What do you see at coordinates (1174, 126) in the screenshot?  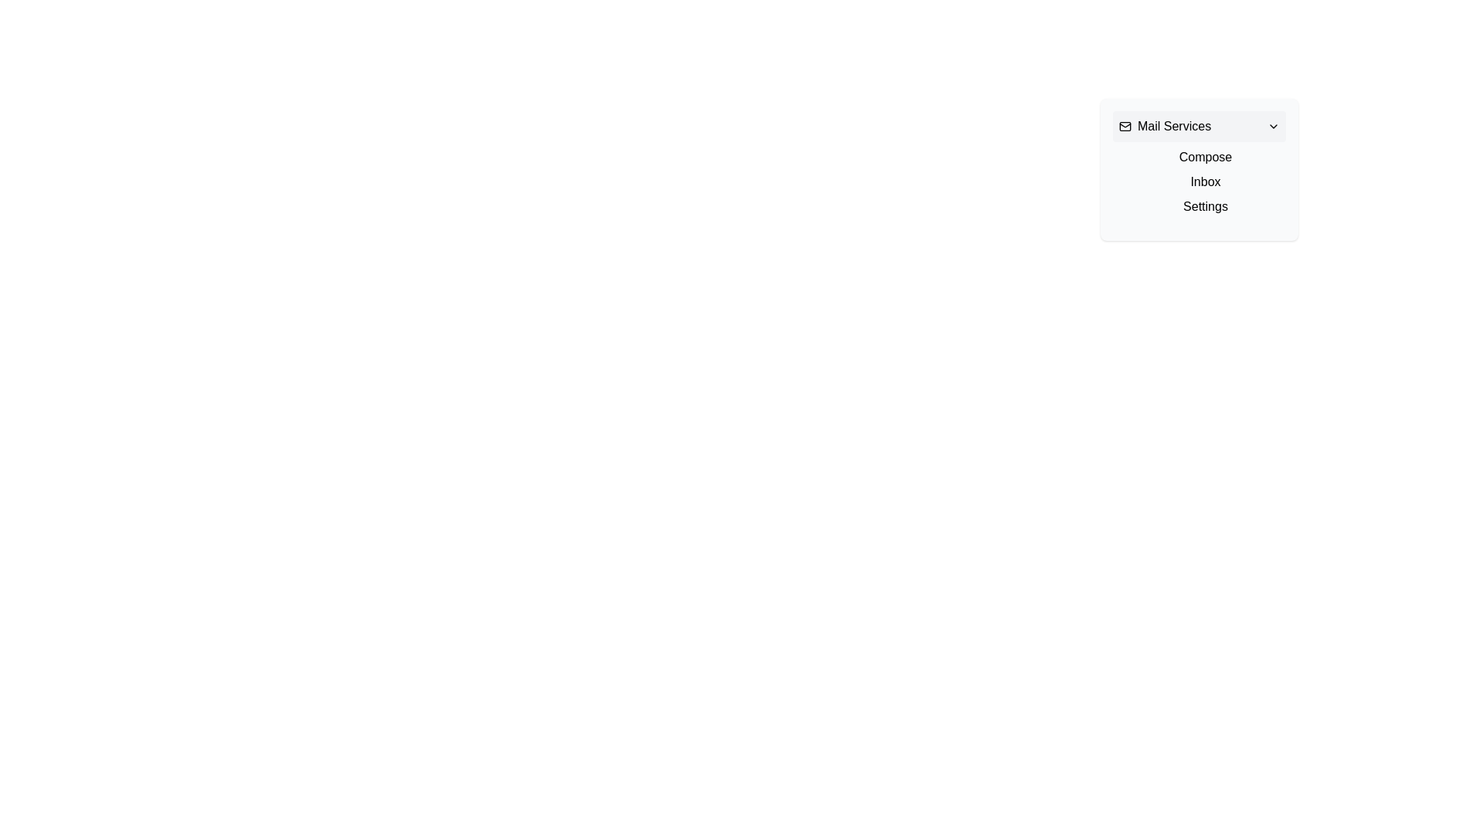 I see `the text label displaying 'Mail Services', which is styled in black font and located between an envelope icon and a dropdown indicator` at bounding box center [1174, 126].